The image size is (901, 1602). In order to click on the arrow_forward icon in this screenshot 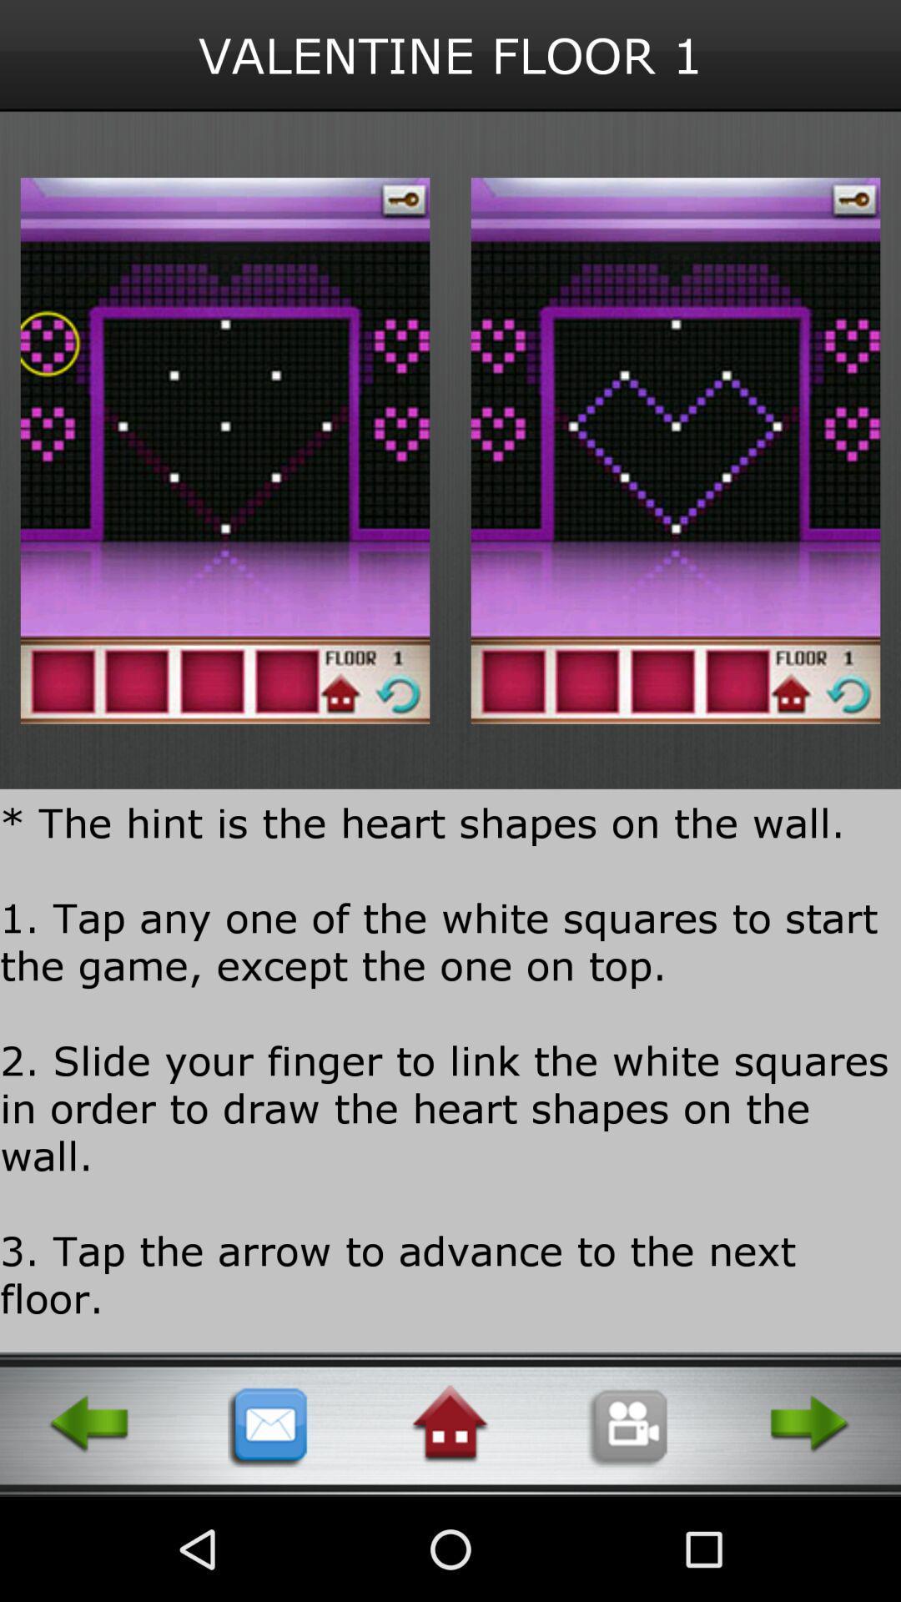, I will do `click(809, 1524)`.